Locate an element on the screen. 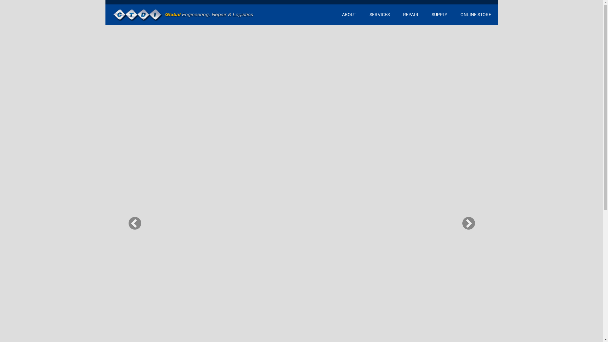 This screenshot has width=608, height=342. 'REPAIR' is located at coordinates (410, 14).